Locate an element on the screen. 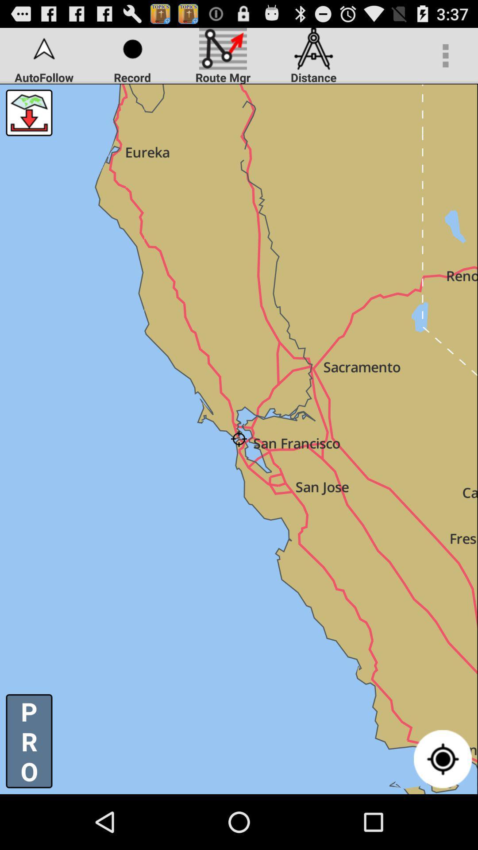 This screenshot has height=850, width=478. icon to the left of record app is located at coordinates (28, 112).